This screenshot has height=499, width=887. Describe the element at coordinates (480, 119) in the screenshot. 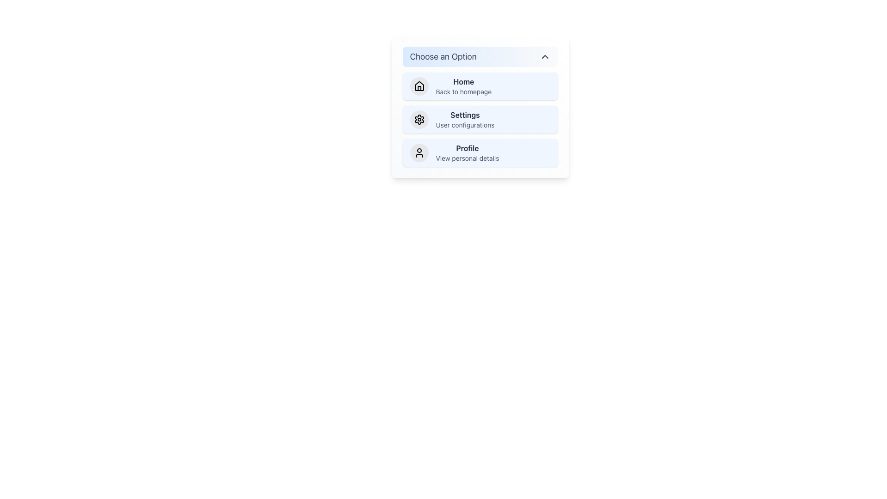

I see `the 'Settings' button-like interactive list item, which is the second item in the 'Choose an Option' list` at that location.